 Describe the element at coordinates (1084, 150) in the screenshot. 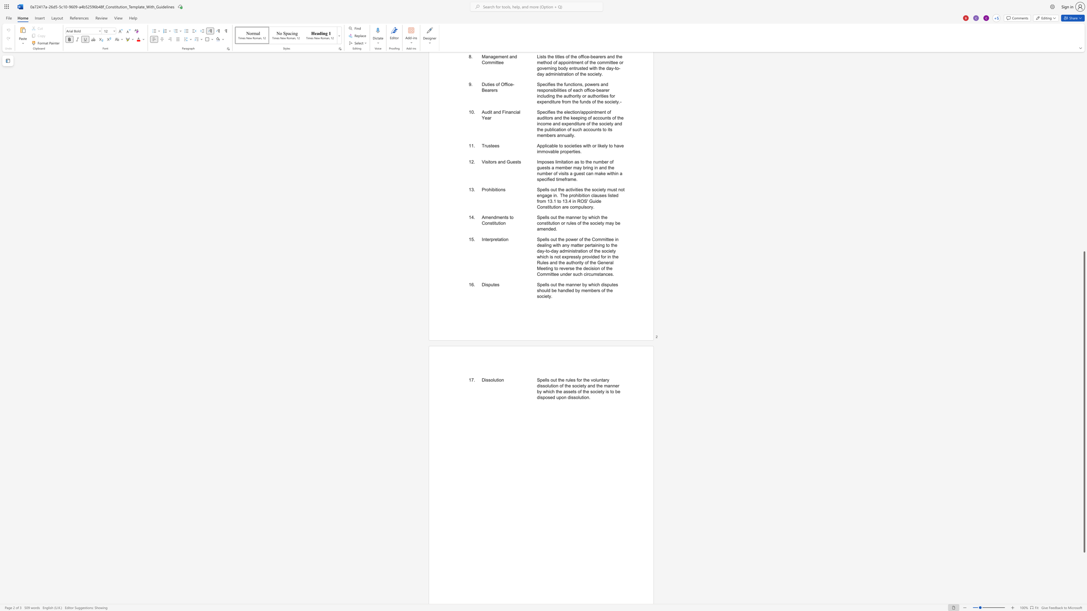

I see `the scrollbar to scroll the page up` at that location.